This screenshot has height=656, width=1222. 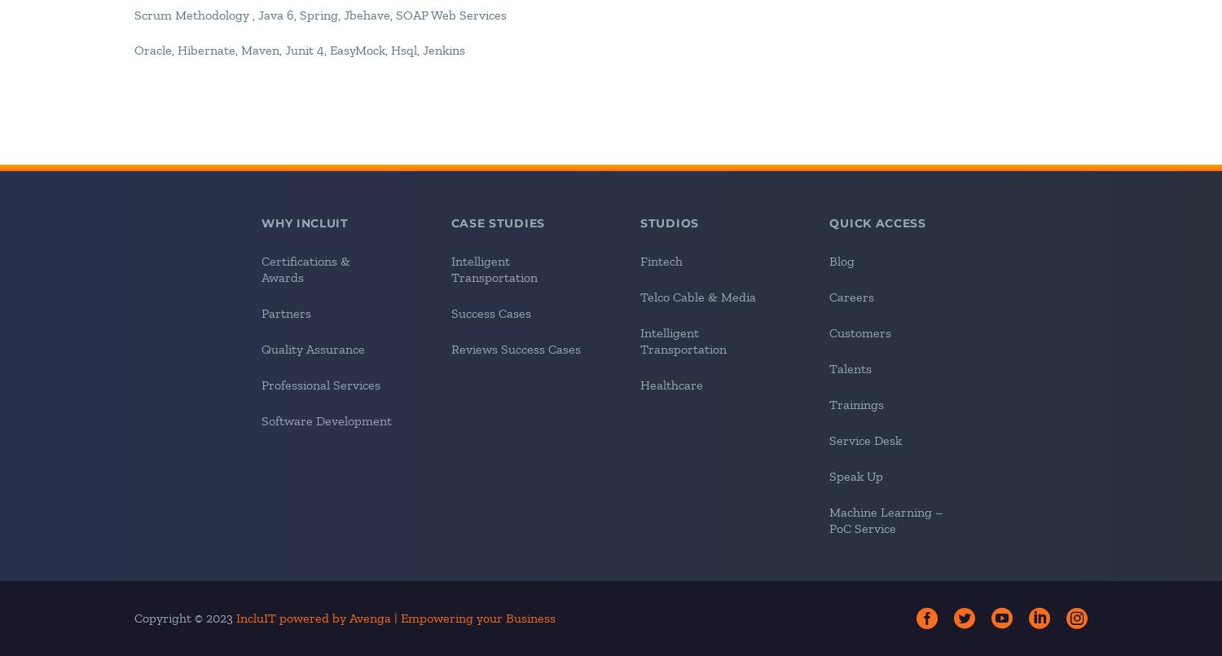 What do you see at coordinates (865, 438) in the screenshot?
I see `'Service Desk'` at bounding box center [865, 438].